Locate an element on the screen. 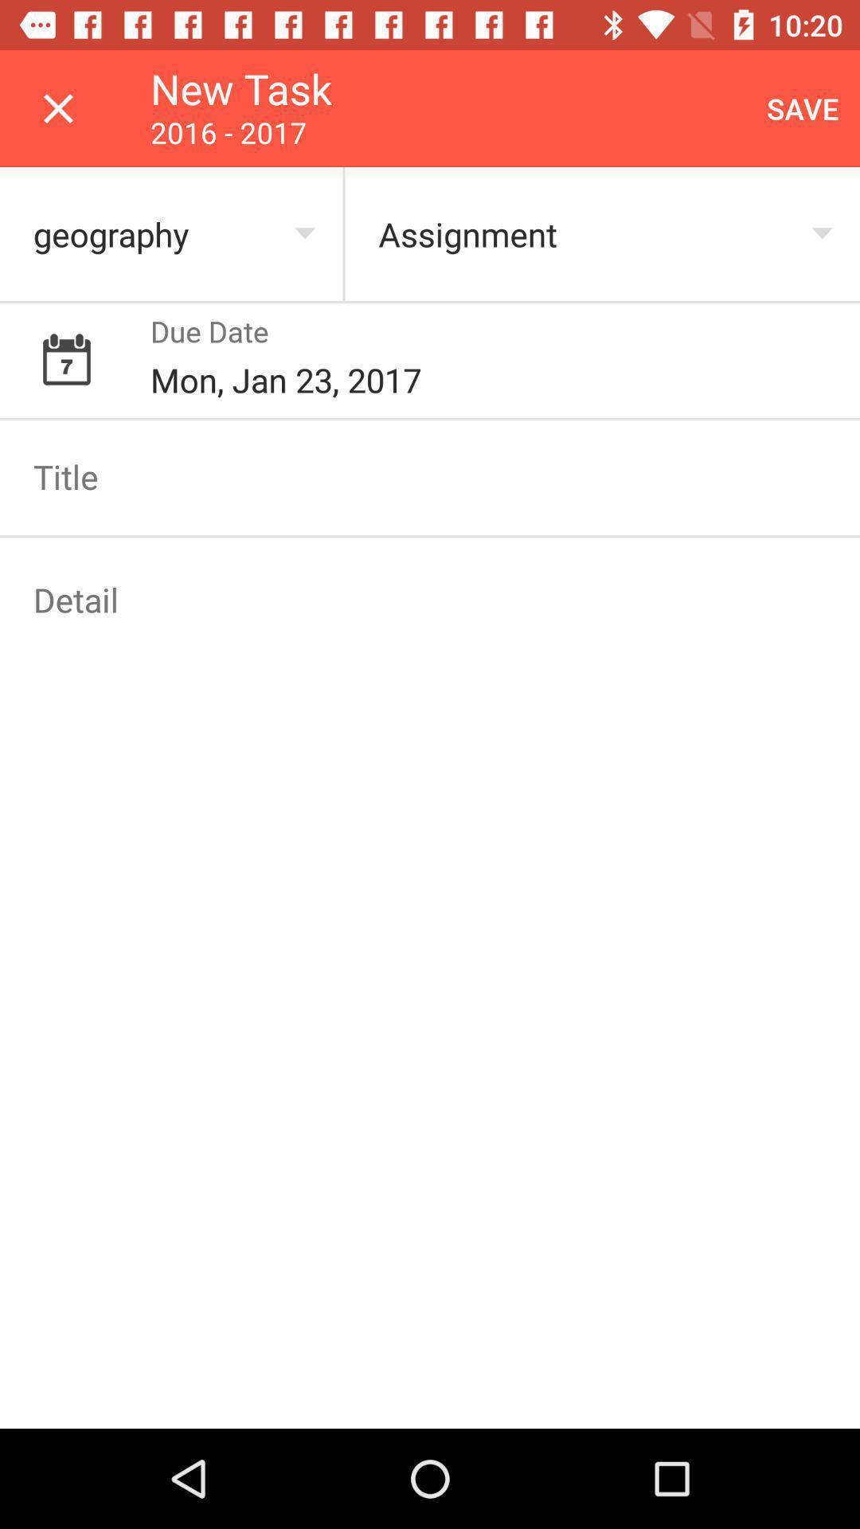 The height and width of the screenshot is (1529, 860). title box is located at coordinates (430, 475).